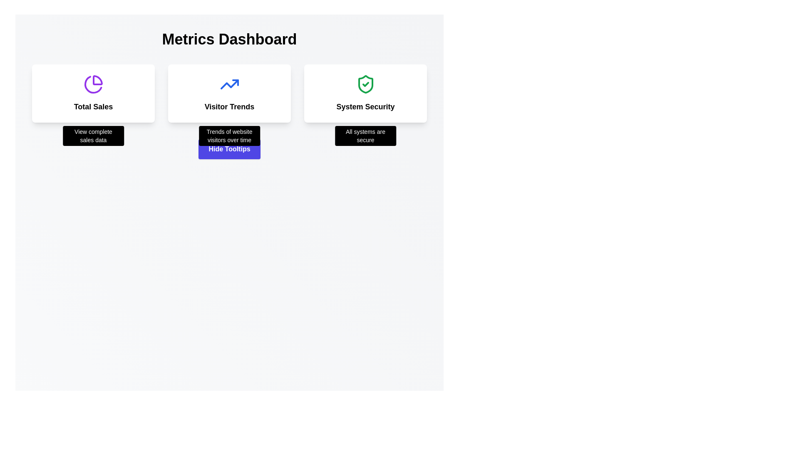 This screenshot has height=449, width=799. Describe the element at coordinates (235, 83) in the screenshot. I see `the upward trending tip of the chart icon, which is the second graphical component inside the second card of the 'Visitor Trends' section in the dashboard` at that location.